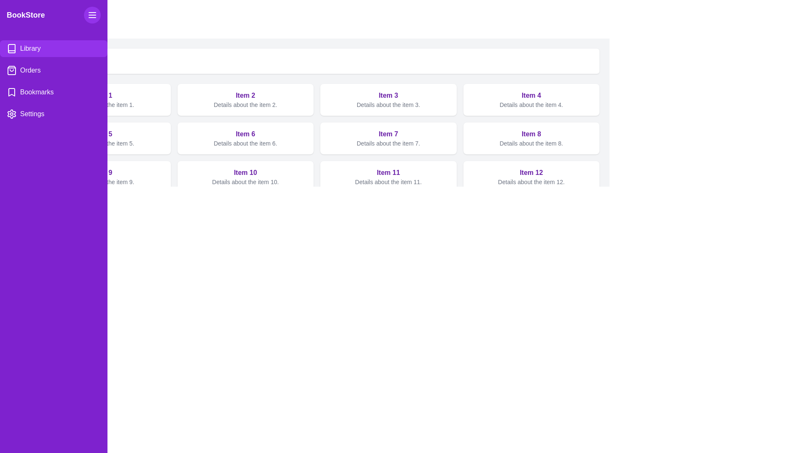 This screenshot has width=806, height=453. What do you see at coordinates (531, 134) in the screenshot?
I see `the Text label that serves as the header for the card labeled 'Item 8', located in the second row and fourth column of the grid layout` at bounding box center [531, 134].